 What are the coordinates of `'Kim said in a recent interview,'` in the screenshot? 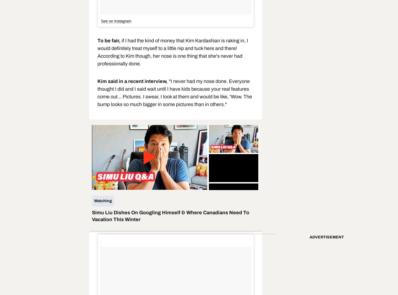 It's located at (133, 81).